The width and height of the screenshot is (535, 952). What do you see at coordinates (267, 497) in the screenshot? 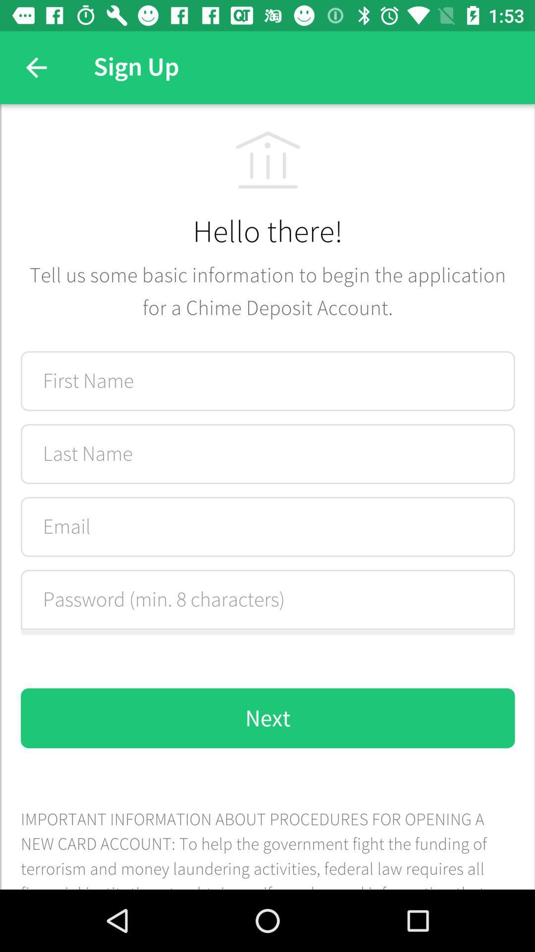
I see `contact page form` at bounding box center [267, 497].